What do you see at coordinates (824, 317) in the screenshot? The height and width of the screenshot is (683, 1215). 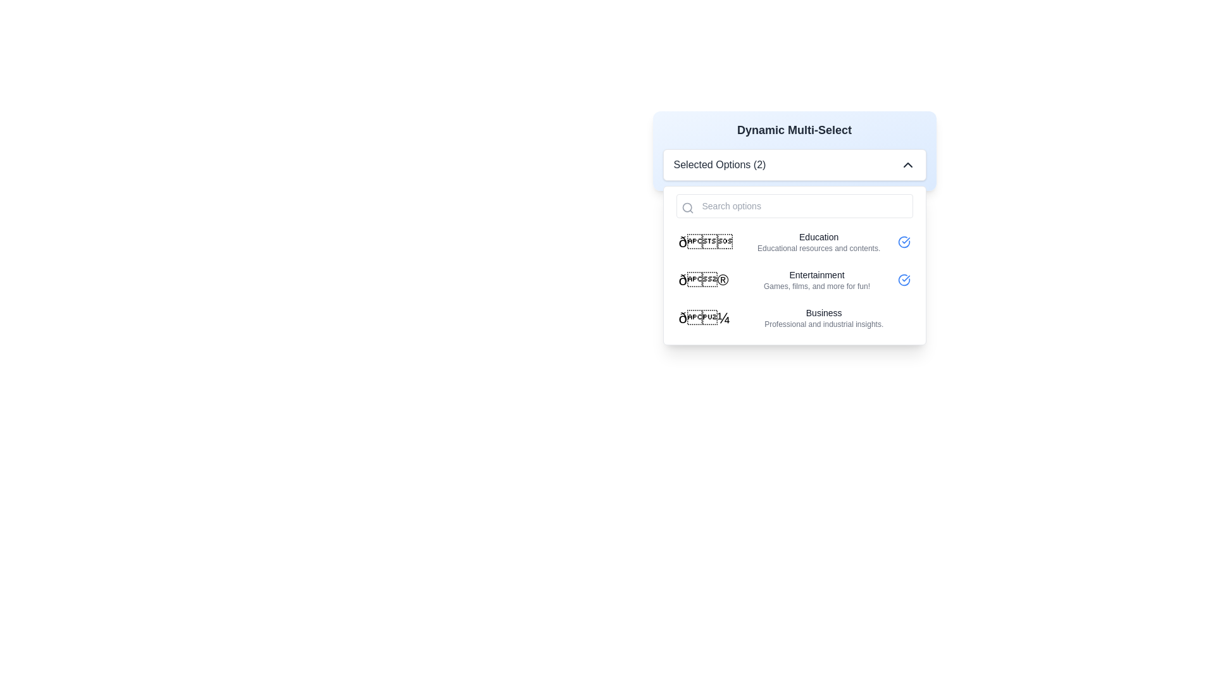 I see `the text display element that represents the third option in the dropdown interface, located beneath the 'Entertainment' option` at bounding box center [824, 317].